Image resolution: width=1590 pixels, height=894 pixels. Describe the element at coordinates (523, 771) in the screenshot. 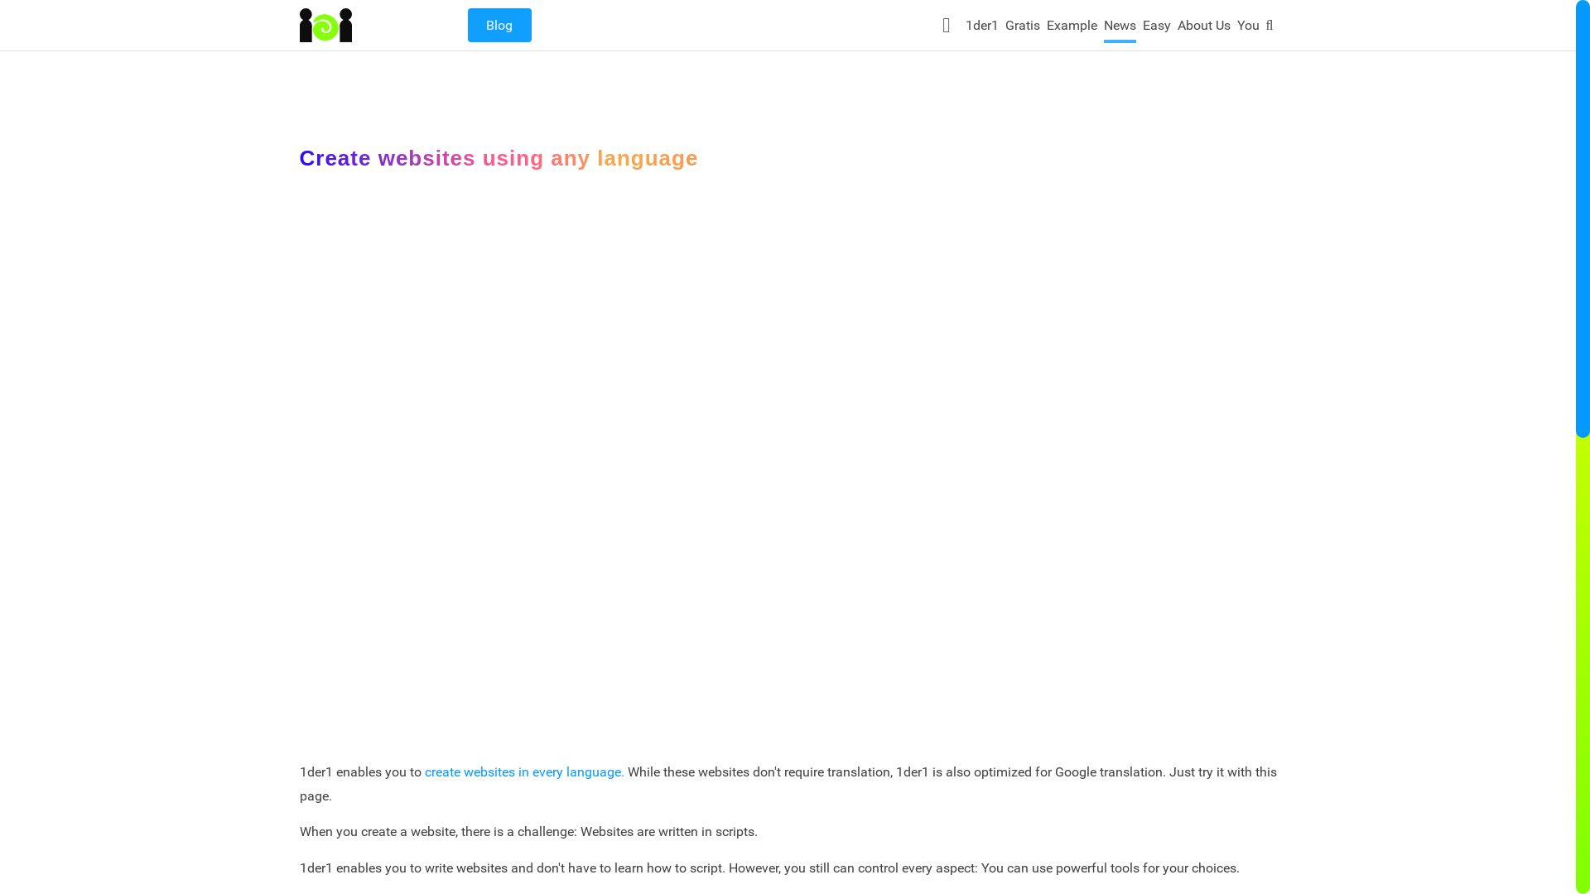

I see `'create websites in every language.'` at that location.